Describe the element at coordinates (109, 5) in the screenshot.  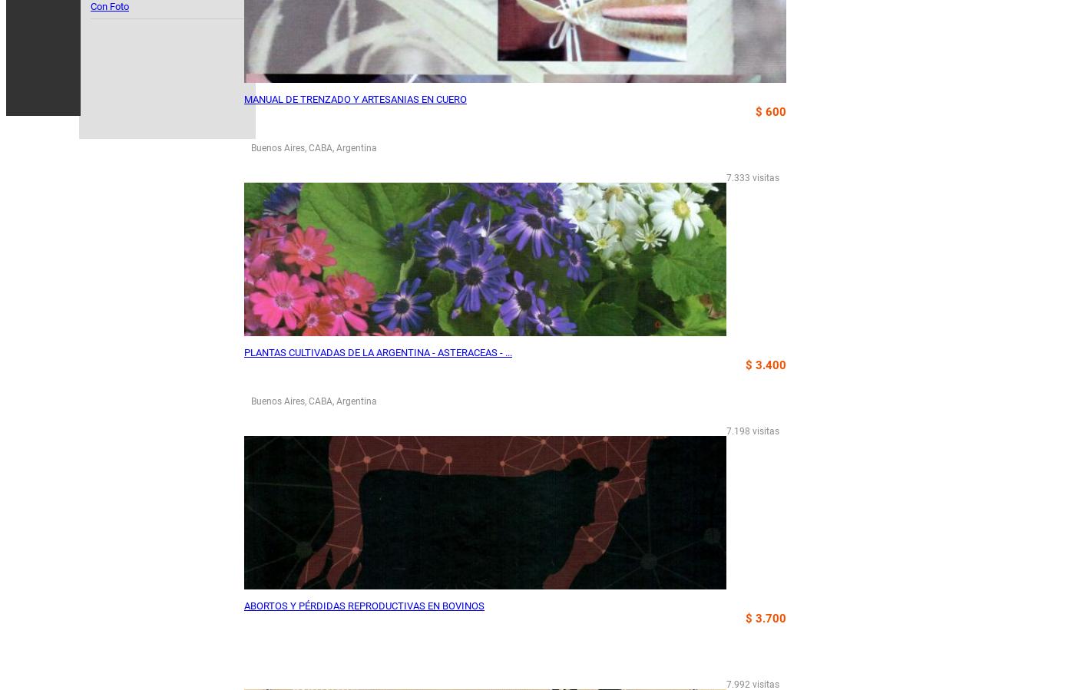
I see `'Con Foto'` at that location.